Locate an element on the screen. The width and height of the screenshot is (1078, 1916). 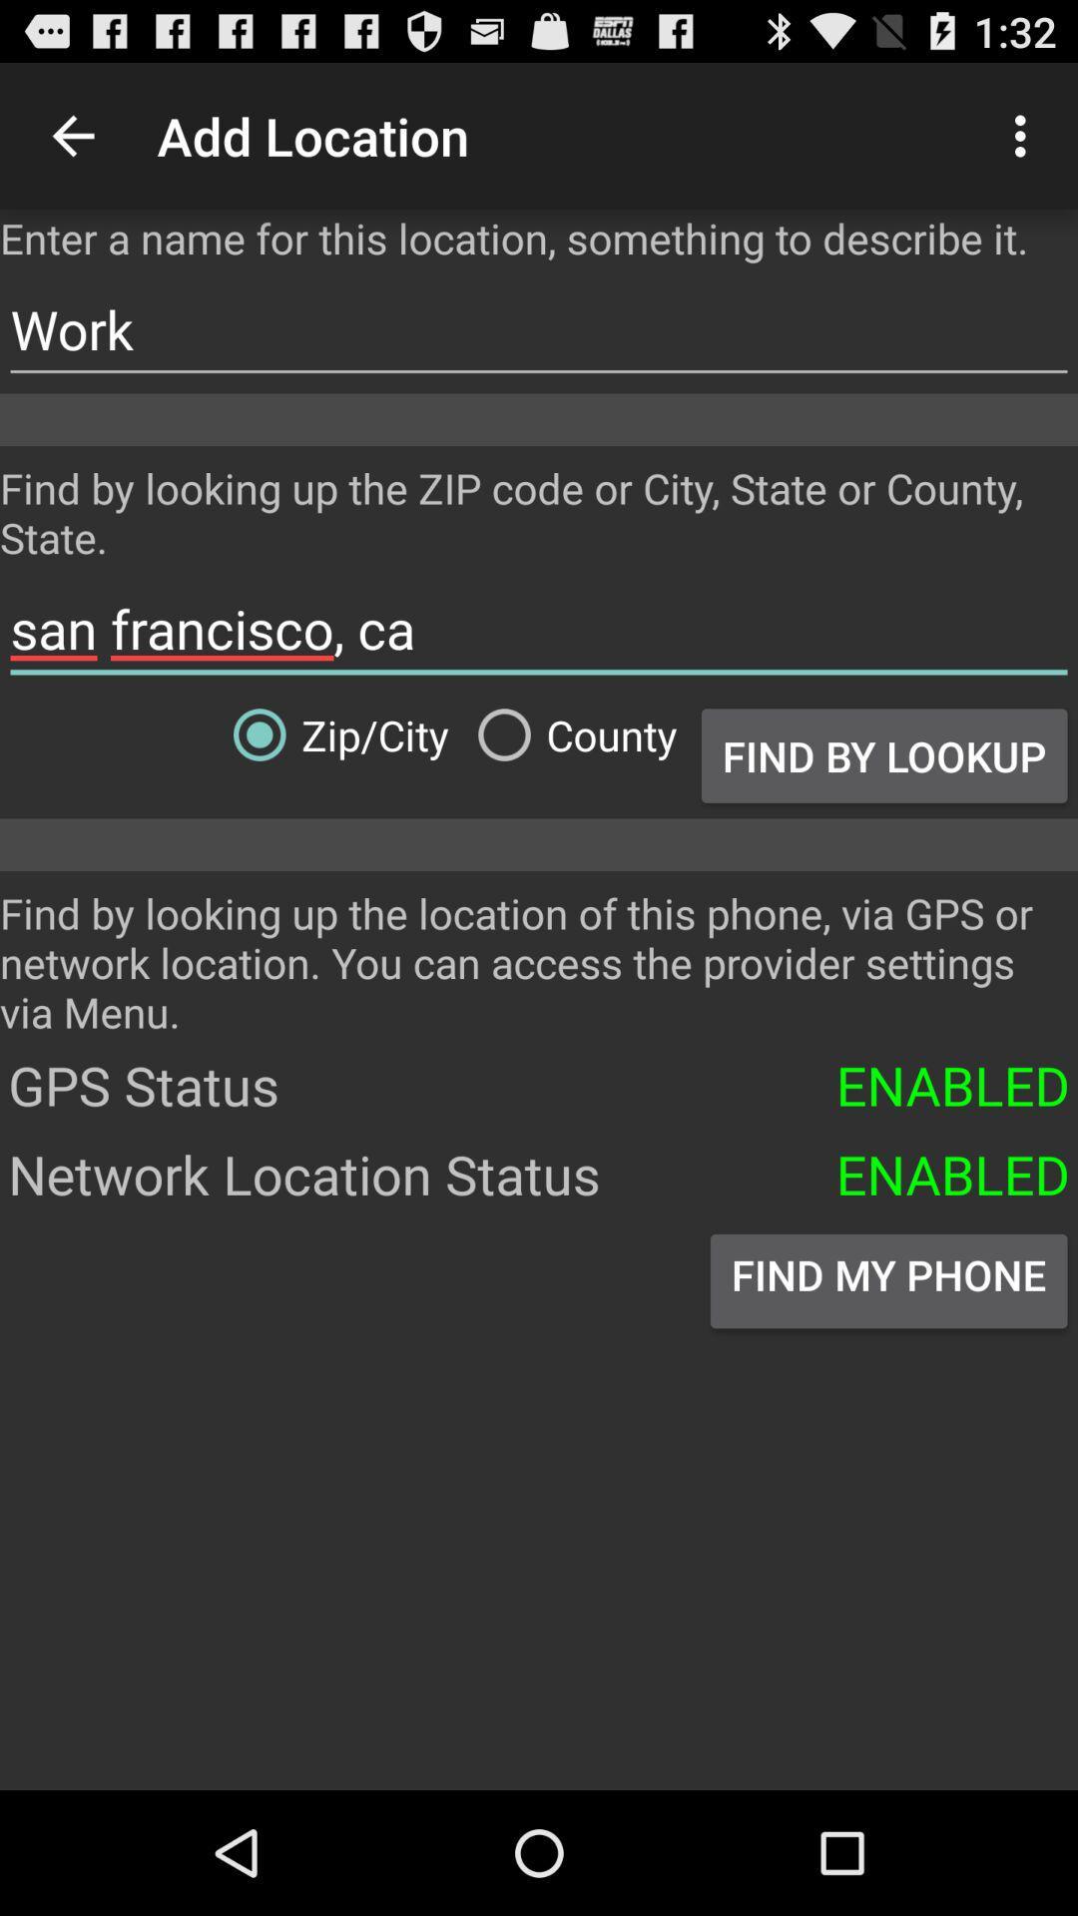
the item above the find by lookup icon is located at coordinates (539, 628).